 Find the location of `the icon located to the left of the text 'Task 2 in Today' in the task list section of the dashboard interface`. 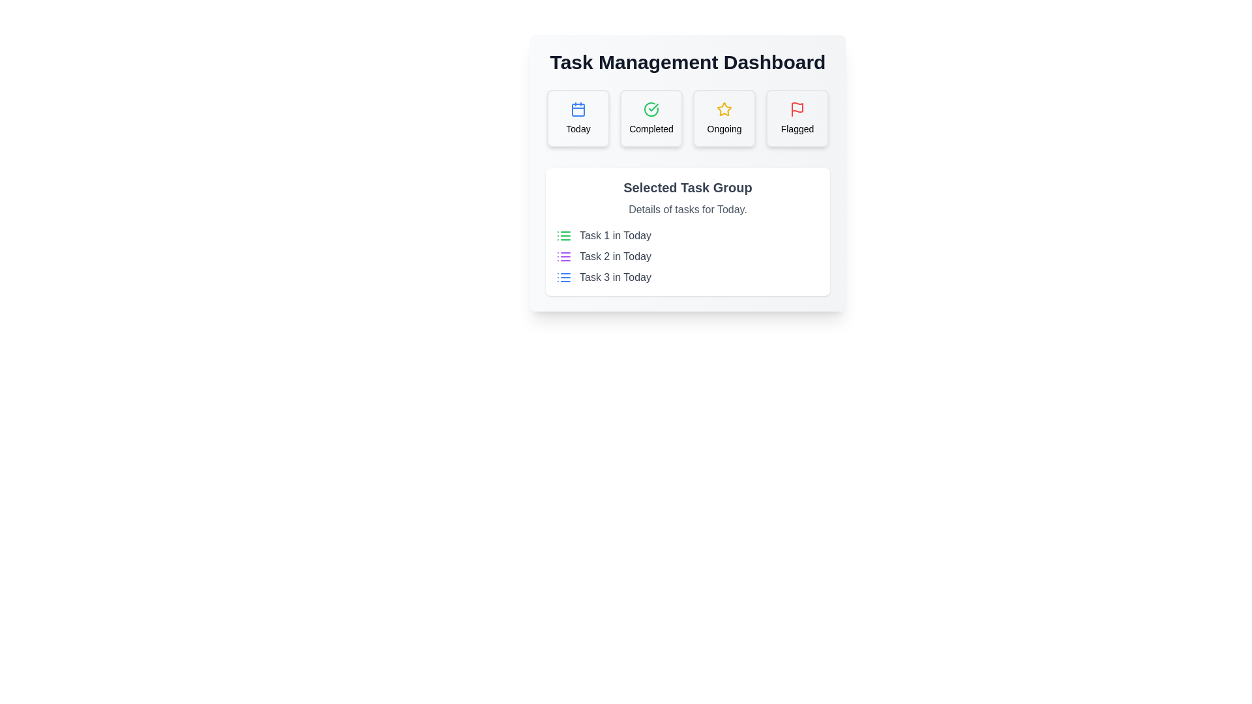

the icon located to the left of the text 'Task 2 in Today' in the task list section of the dashboard interface is located at coordinates (563, 256).